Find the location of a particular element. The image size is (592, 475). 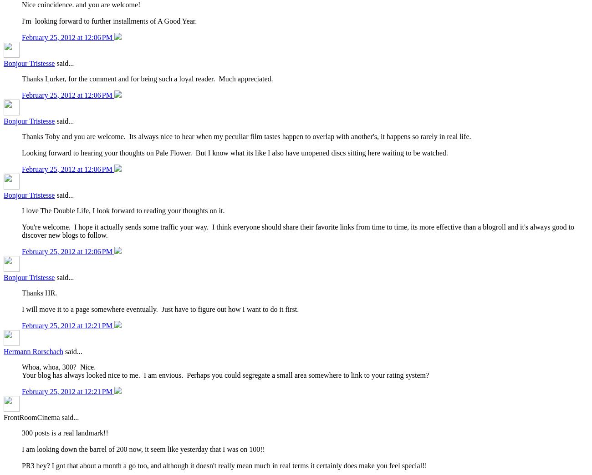

'I love The Double Life, I look forward to reading your thoughts on it.' is located at coordinates (21, 210).